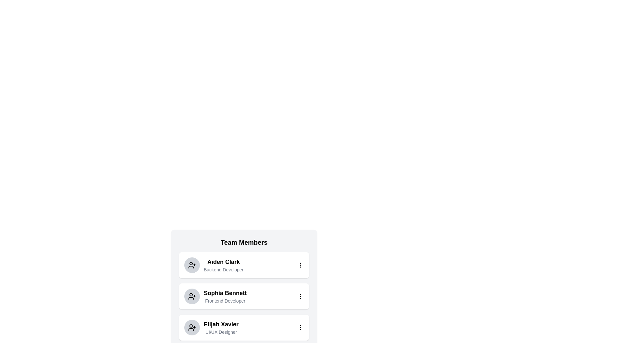 This screenshot has width=624, height=351. Describe the element at coordinates (225, 301) in the screenshot. I see `accessibility labels of the text label displaying 'Frontend Developer', which is located below 'Sophia Bennett' in the profile section of the Team Members list` at that location.